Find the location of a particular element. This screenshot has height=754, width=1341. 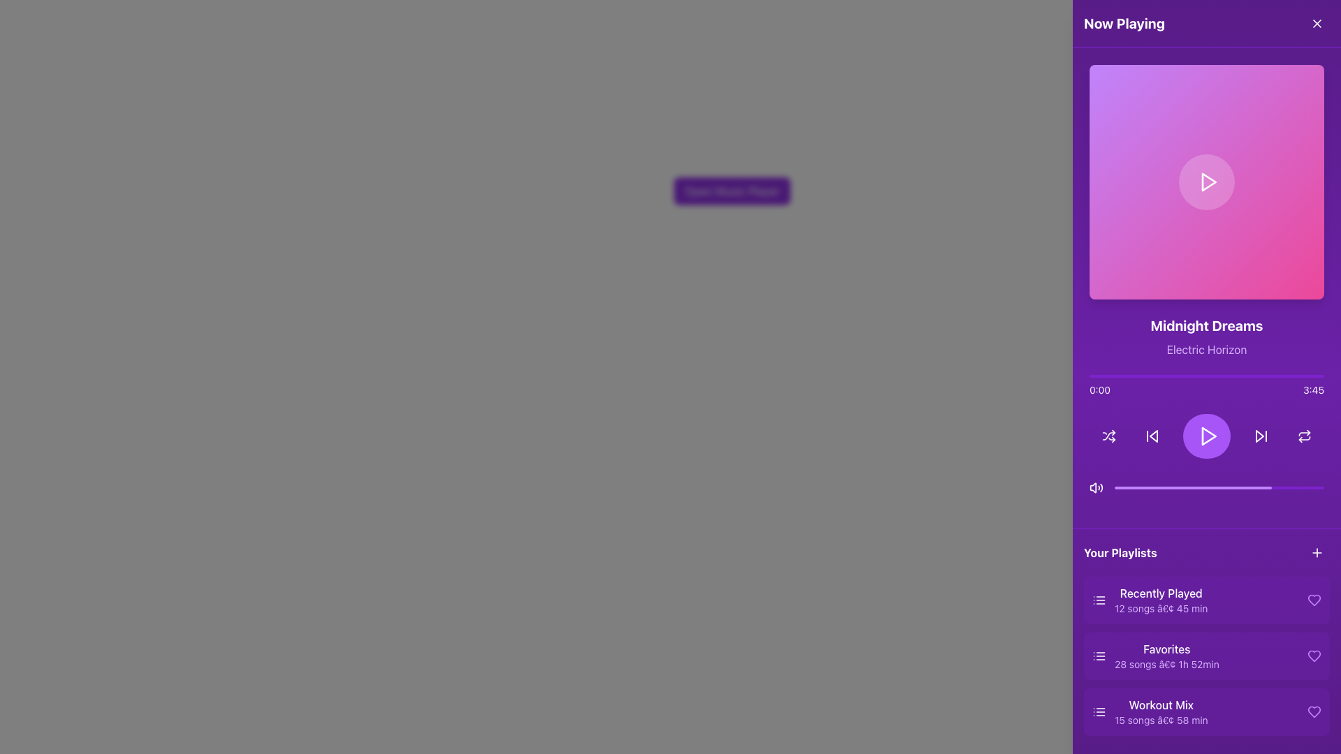

the triangular play icon inside the circular purple button is located at coordinates (1208, 435).